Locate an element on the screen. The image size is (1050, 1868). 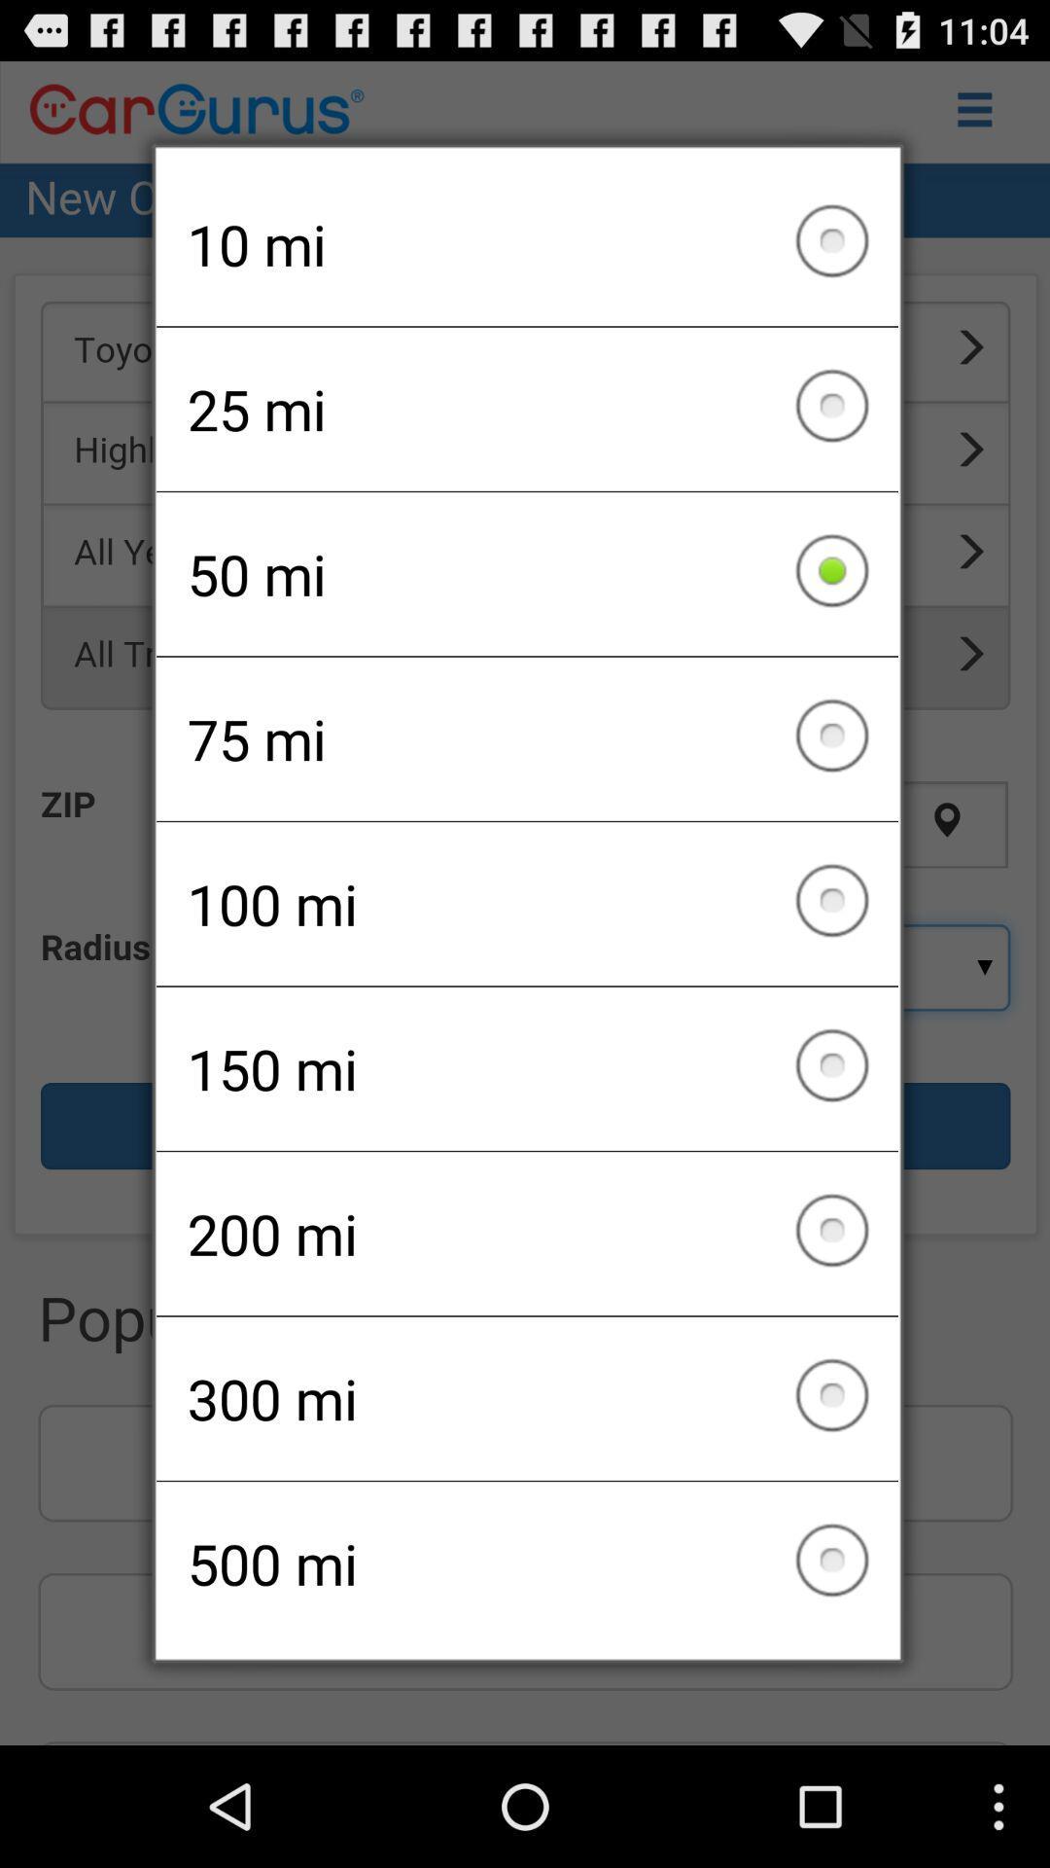
item below the 300 mi is located at coordinates (527, 1563).